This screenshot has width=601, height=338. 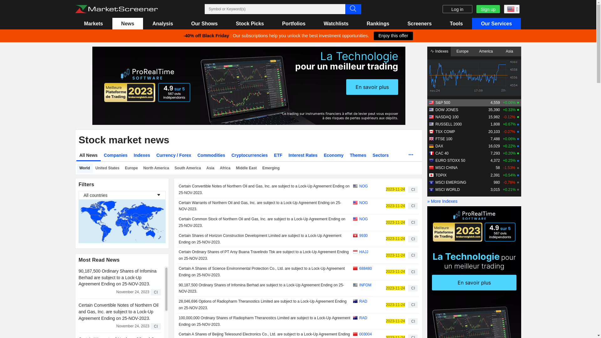 What do you see at coordinates (380, 155) in the screenshot?
I see `'Sectors'` at bounding box center [380, 155].